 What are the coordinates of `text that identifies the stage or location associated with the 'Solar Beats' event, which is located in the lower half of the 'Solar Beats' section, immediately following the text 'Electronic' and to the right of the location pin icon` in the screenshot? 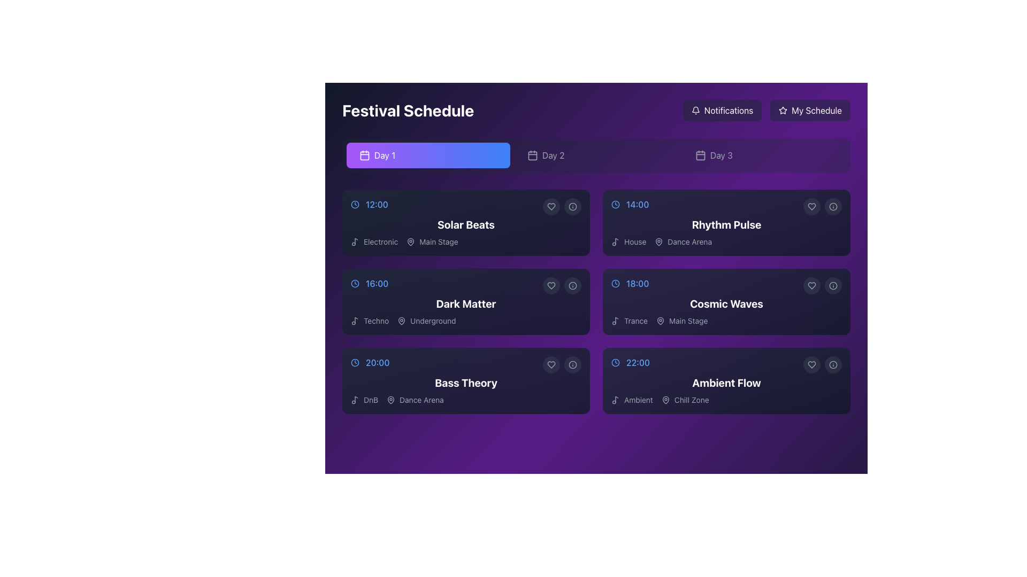 It's located at (432, 241).